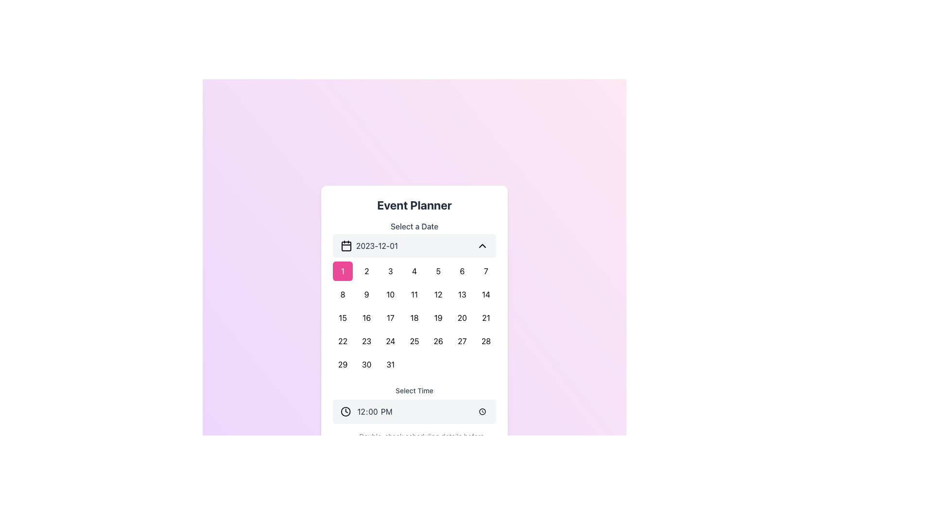 This screenshot has height=525, width=933. What do you see at coordinates (438, 271) in the screenshot?
I see `the button displaying the number '5'` at bounding box center [438, 271].